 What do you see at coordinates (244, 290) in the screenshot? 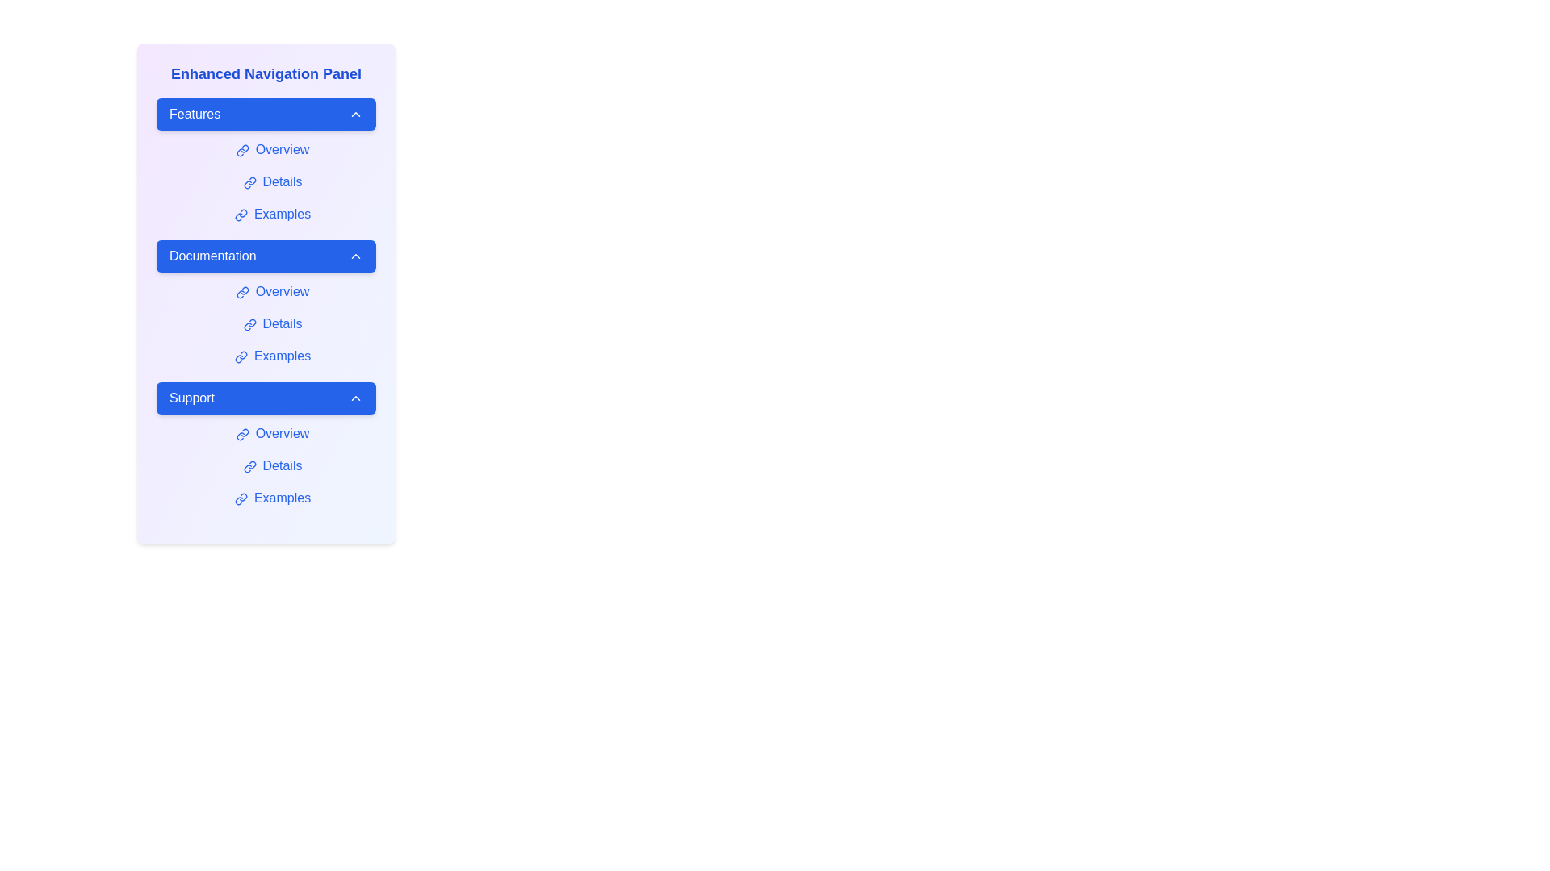
I see `the upper link icon in the 'Documentation' section of the 'Enhanced Navigation Panel' that signifies a hyperlink for the text 'Overview'` at bounding box center [244, 290].